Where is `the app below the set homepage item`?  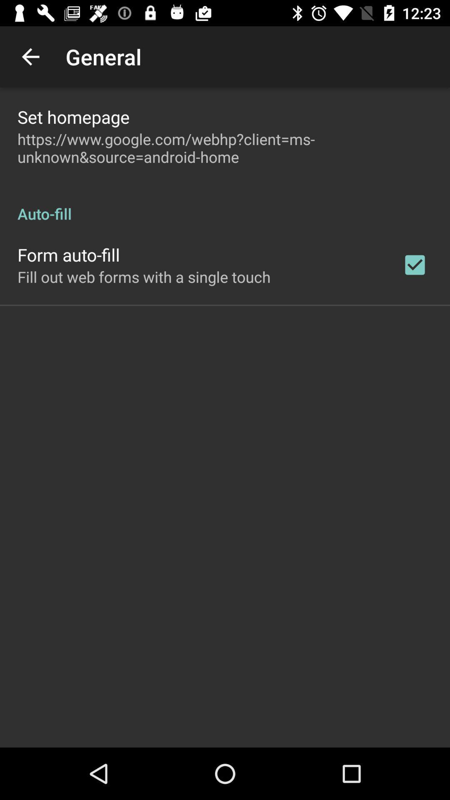
the app below the set homepage item is located at coordinates (225, 148).